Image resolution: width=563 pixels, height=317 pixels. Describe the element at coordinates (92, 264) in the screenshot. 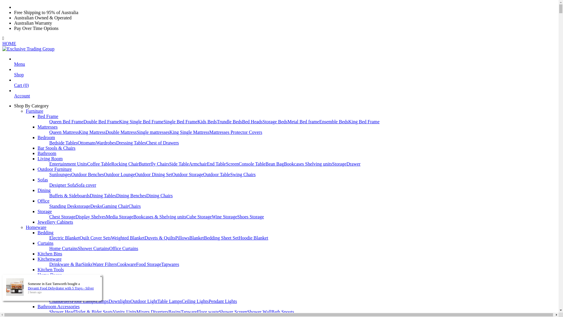

I see `'Water Filters'` at that location.